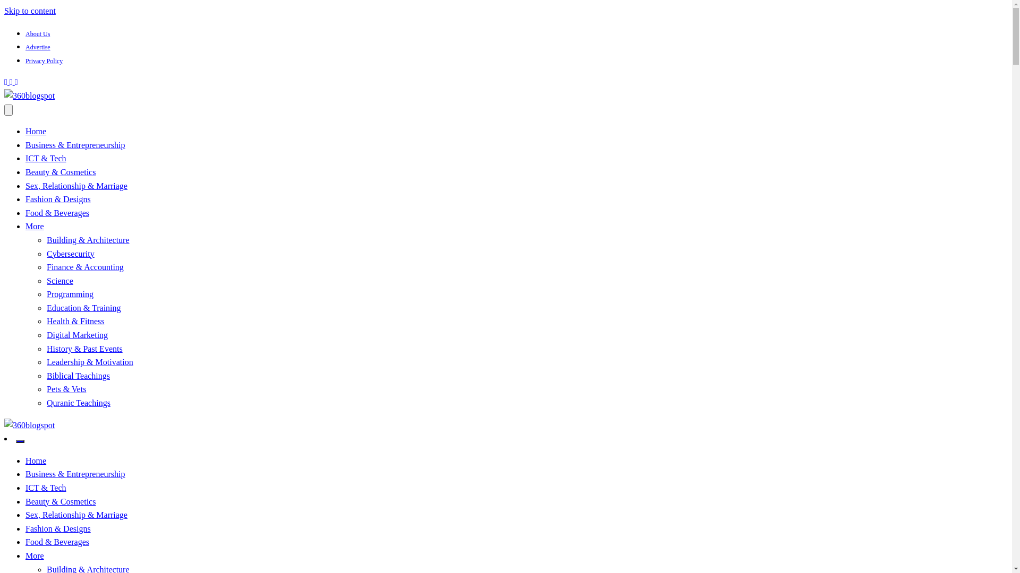 The image size is (1020, 573). What do you see at coordinates (57, 199) in the screenshot?
I see `'Fashion & Designs'` at bounding box center [57, 199].